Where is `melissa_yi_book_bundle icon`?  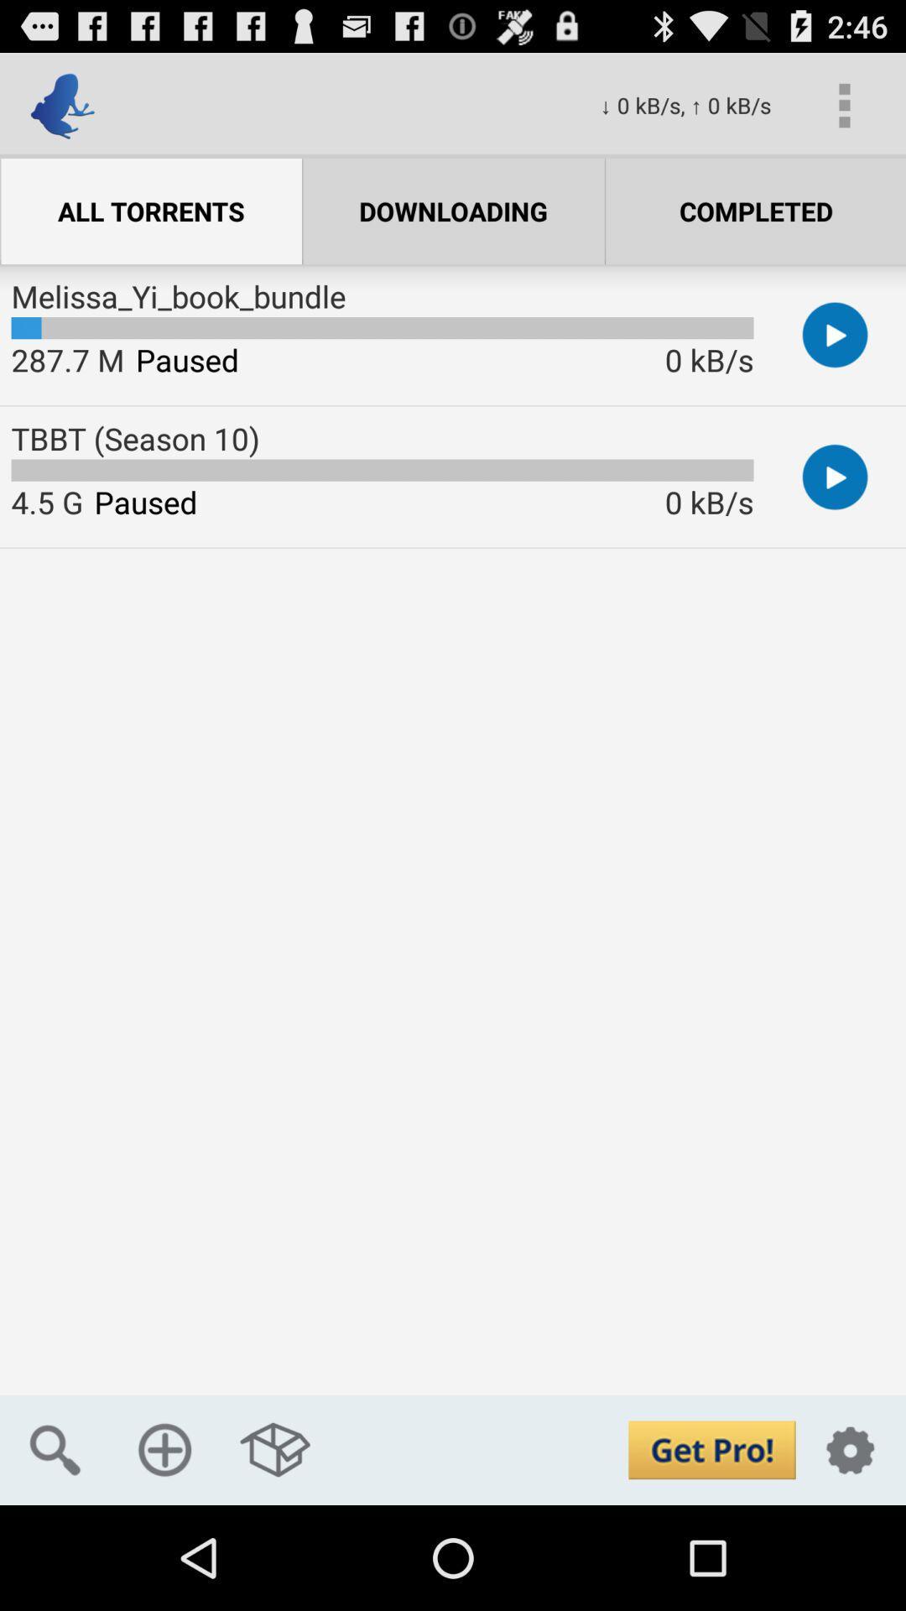 melissa_yi_book_bundle icon is located at coordinates (178, 296).